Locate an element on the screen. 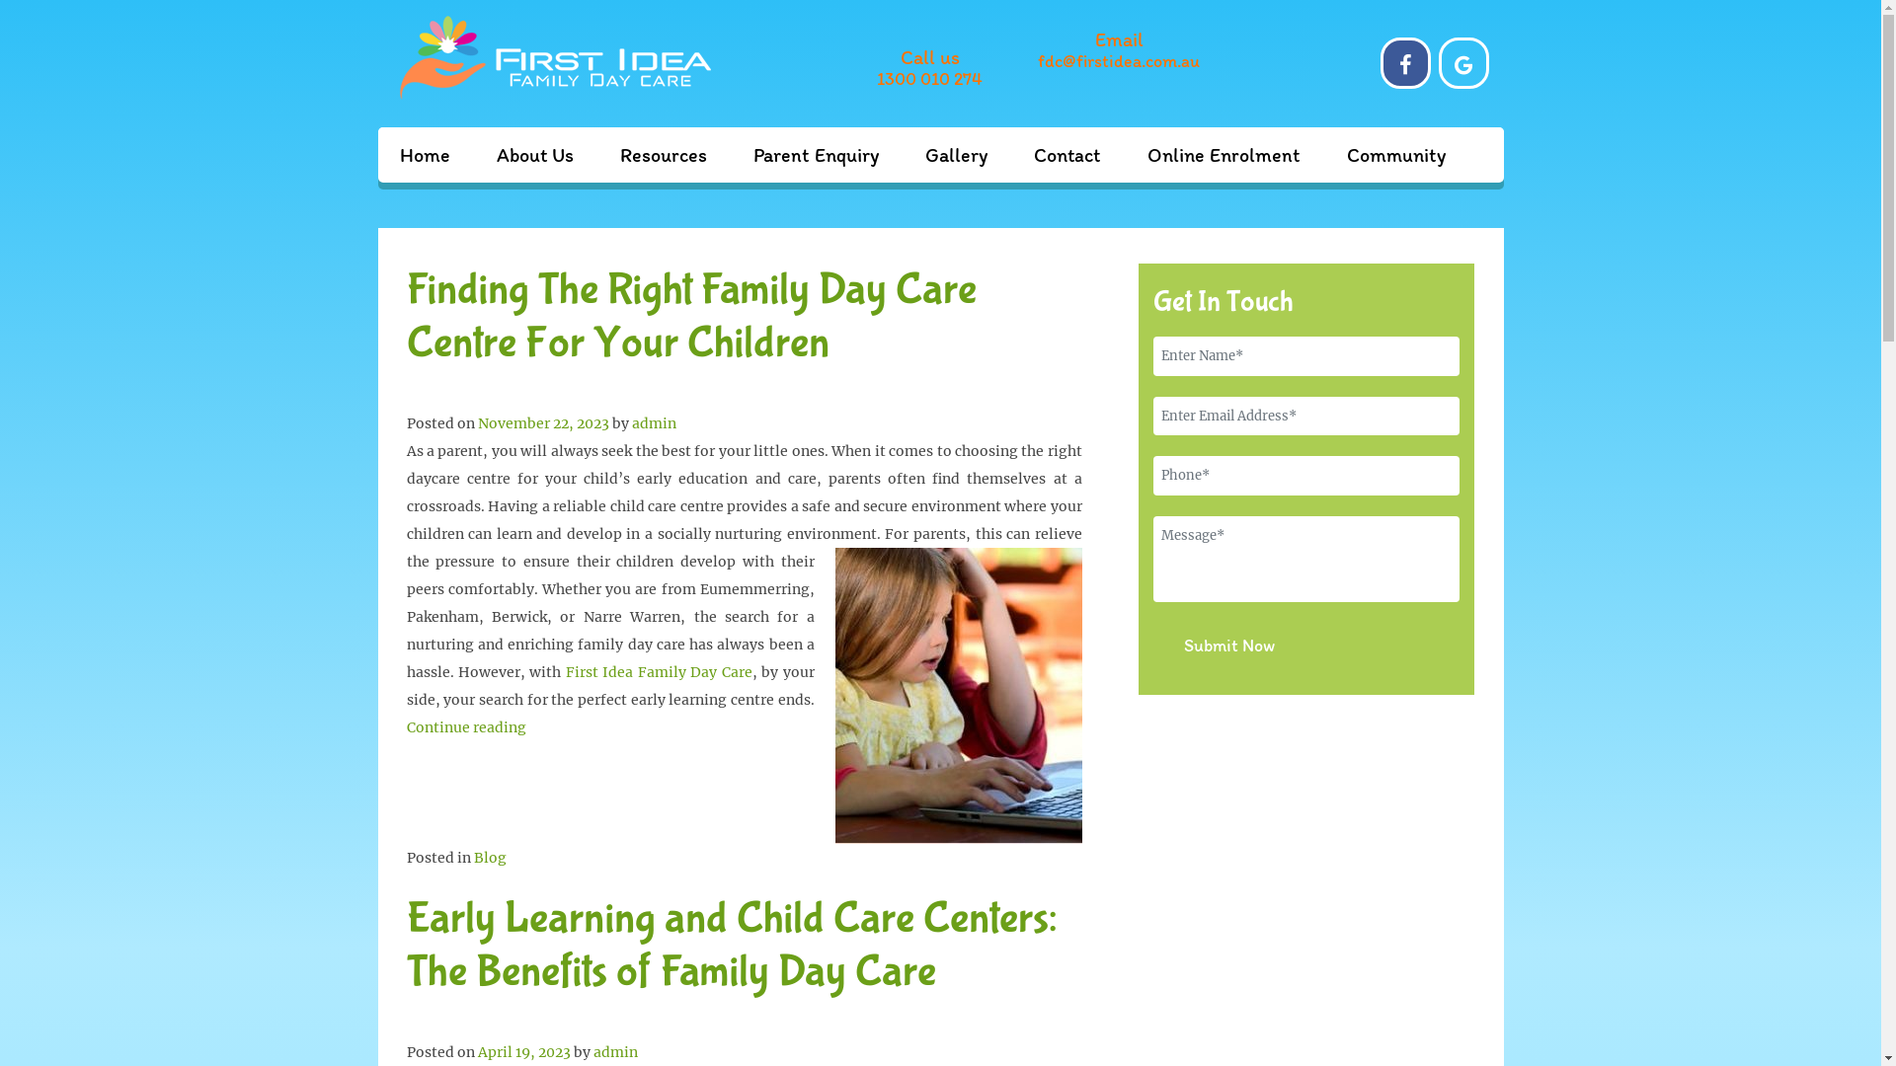 The width and height of the screenshot is (1896, 1066). '1300 010 274' is located at coordinates (847, 78).